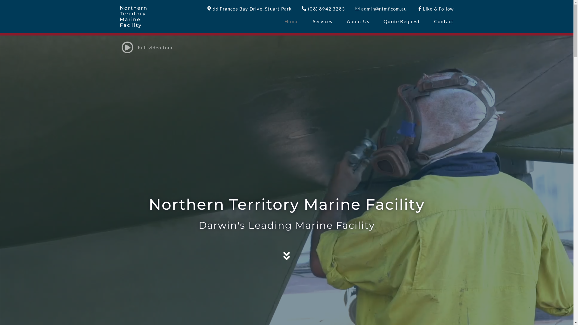  I want to click on 'About Us', so click(358, 21).